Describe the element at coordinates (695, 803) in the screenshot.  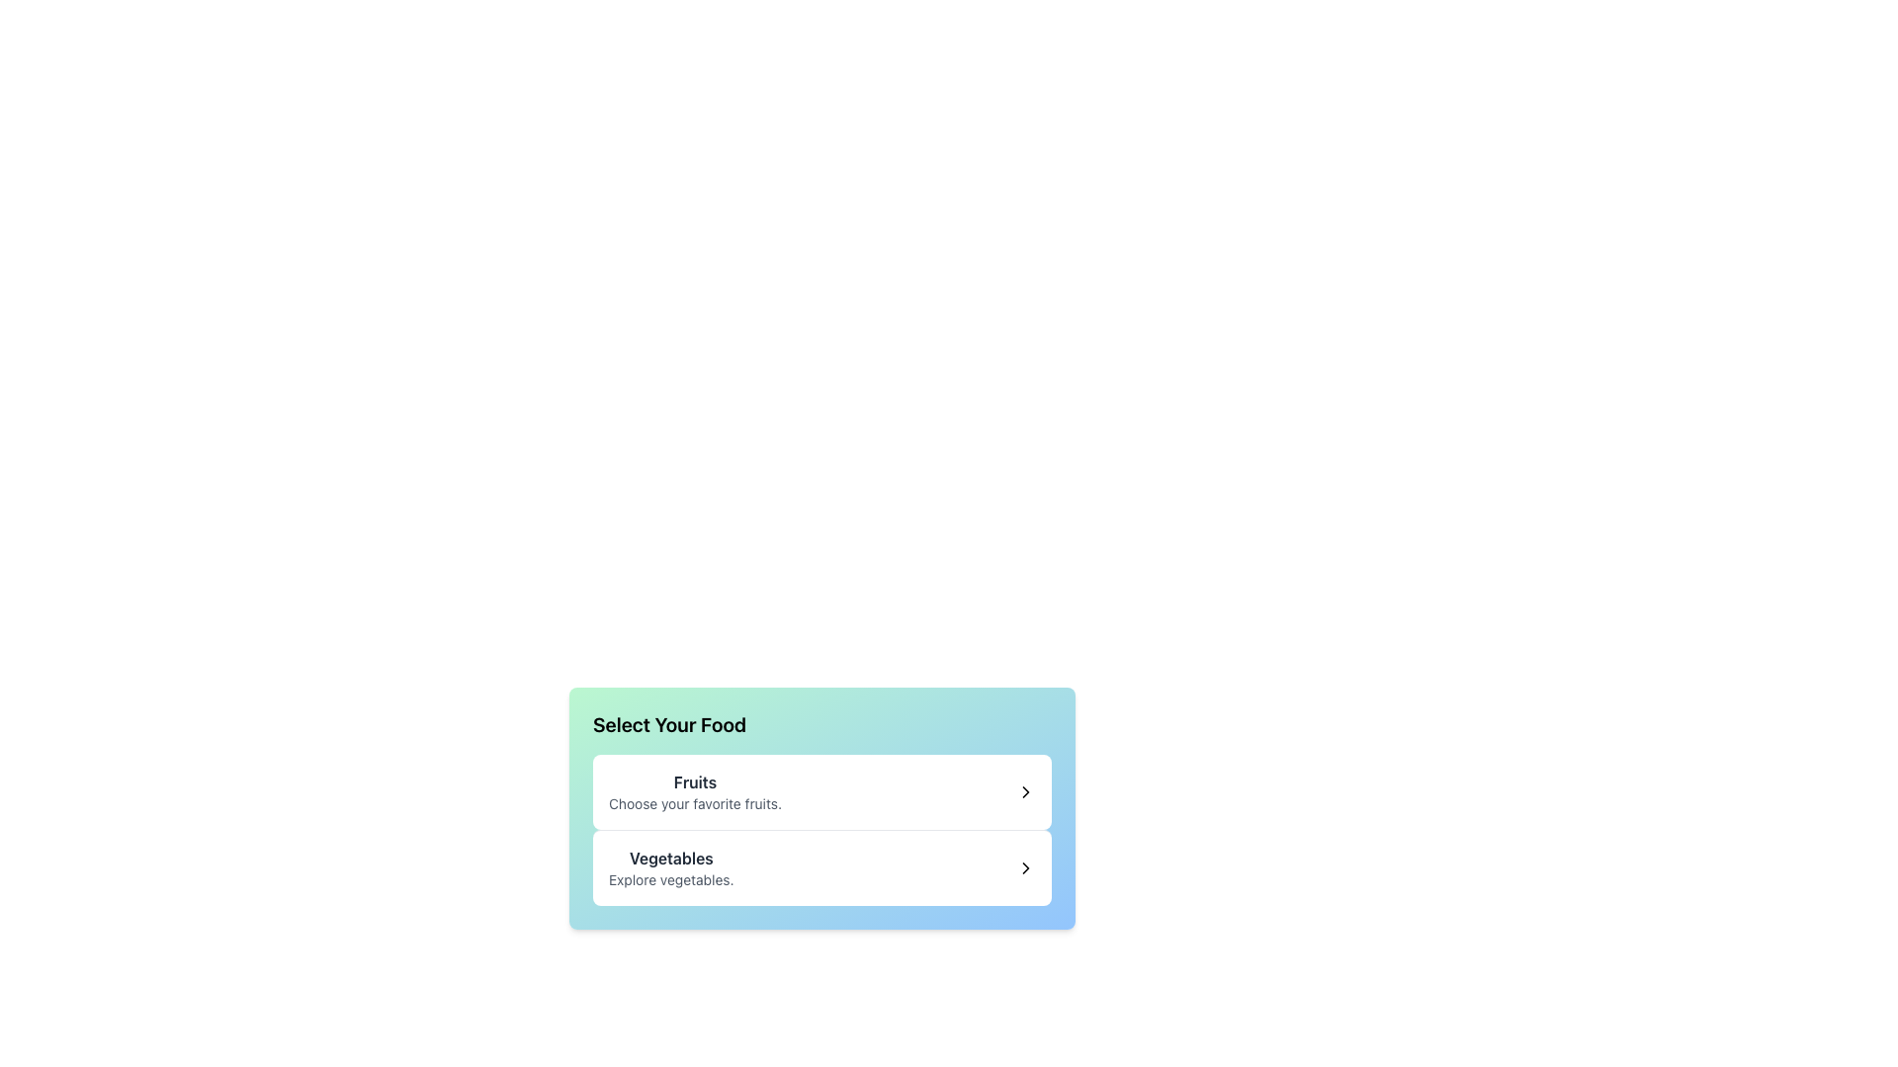
I see `the static text displaying 'Choose your favorite fruits.' located below the 'Fruits' label in the 'Select Your Food' section` at that location.